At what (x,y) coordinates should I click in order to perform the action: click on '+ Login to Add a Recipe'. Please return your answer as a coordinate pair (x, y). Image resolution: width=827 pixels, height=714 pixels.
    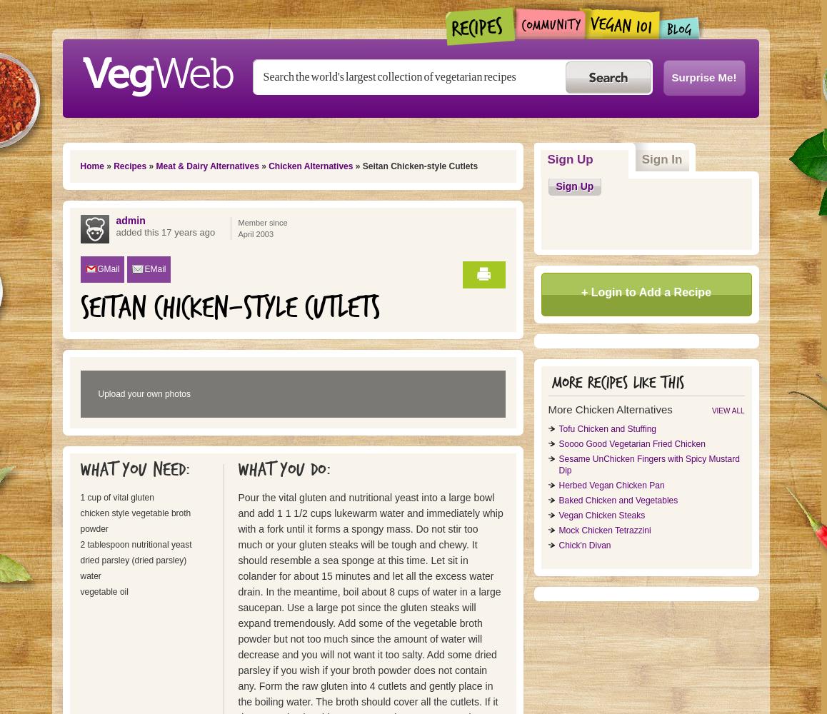
    Looking at the image, I should click on (646, 292).